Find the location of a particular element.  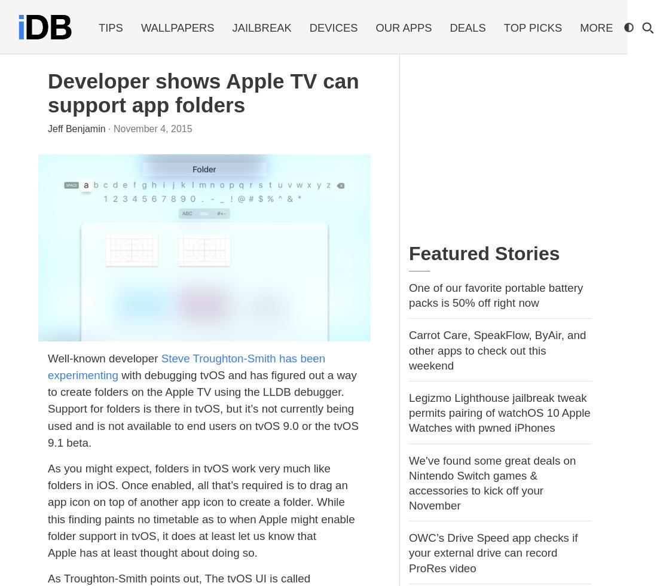

'Carrot Care, SpeakFlow, ByAir, and other apps to check out this weekend' is located at coordinates (496, 350).